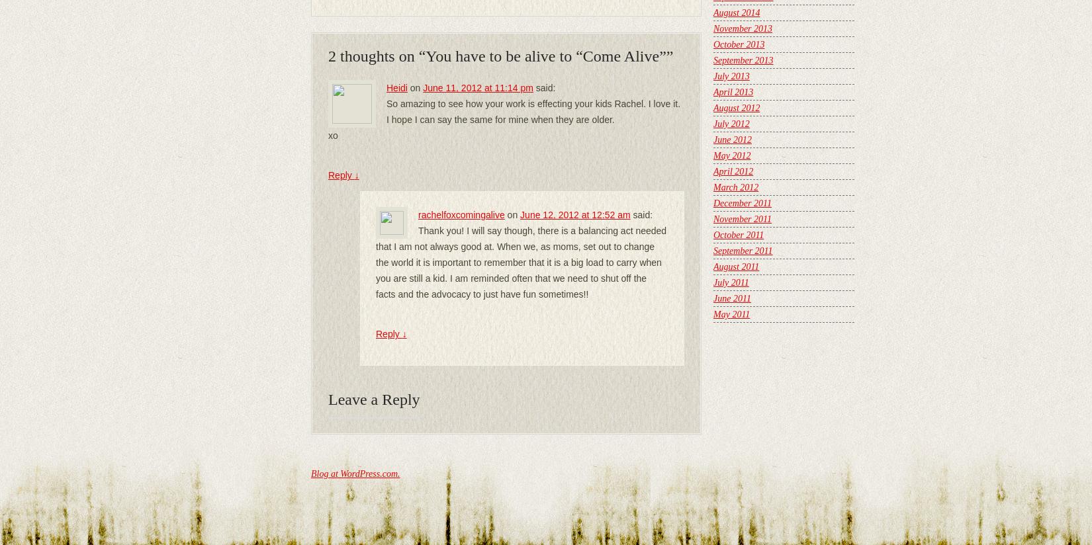 This screenshot has width=1092, height=545. Describe the element at coordinates (739, 44) in the screenshot. I see `'October 2013'` at that location.